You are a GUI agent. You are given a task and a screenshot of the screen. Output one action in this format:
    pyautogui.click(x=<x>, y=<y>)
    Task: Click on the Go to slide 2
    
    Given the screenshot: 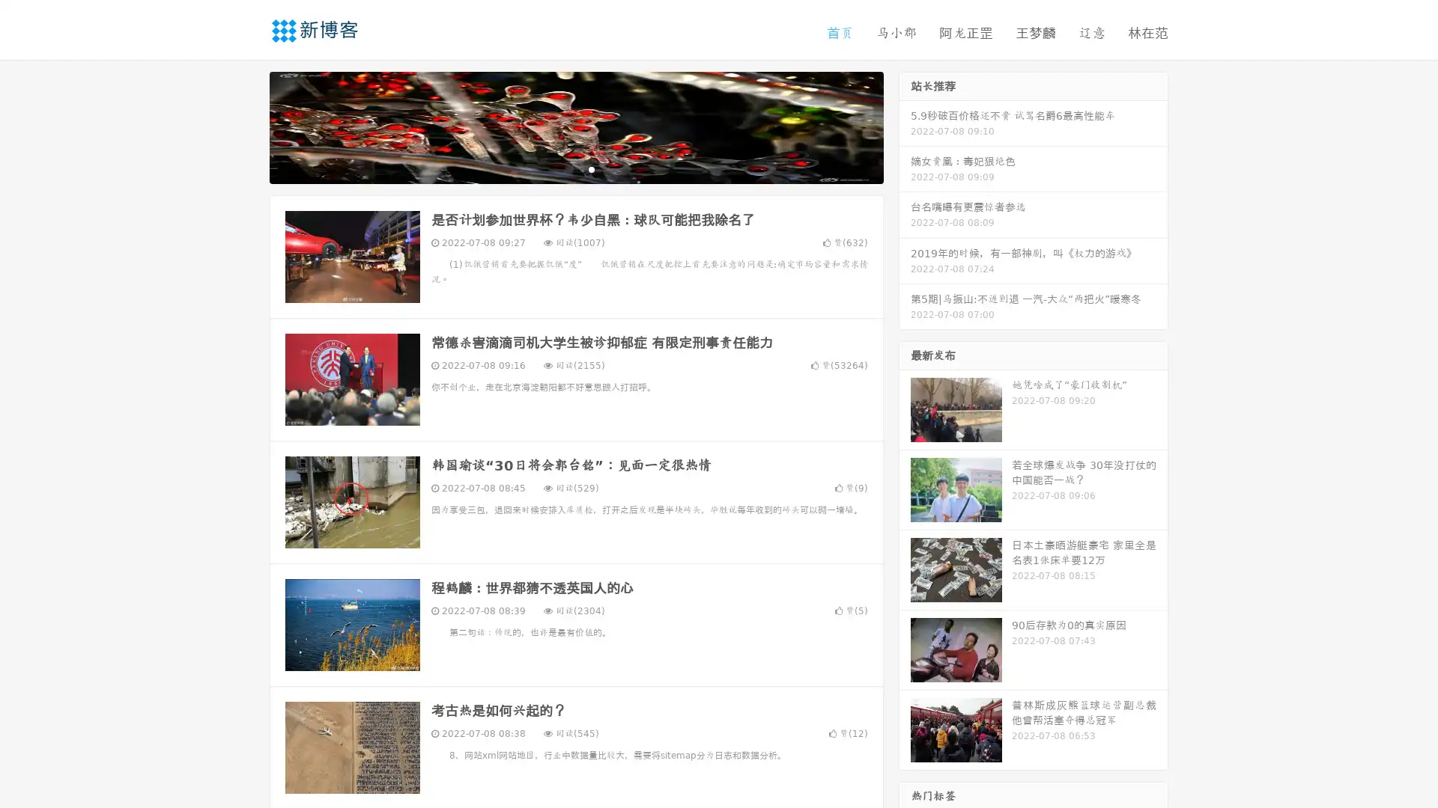 What is the action you would take?
    pyautogui.click(x=575, y=168)
    